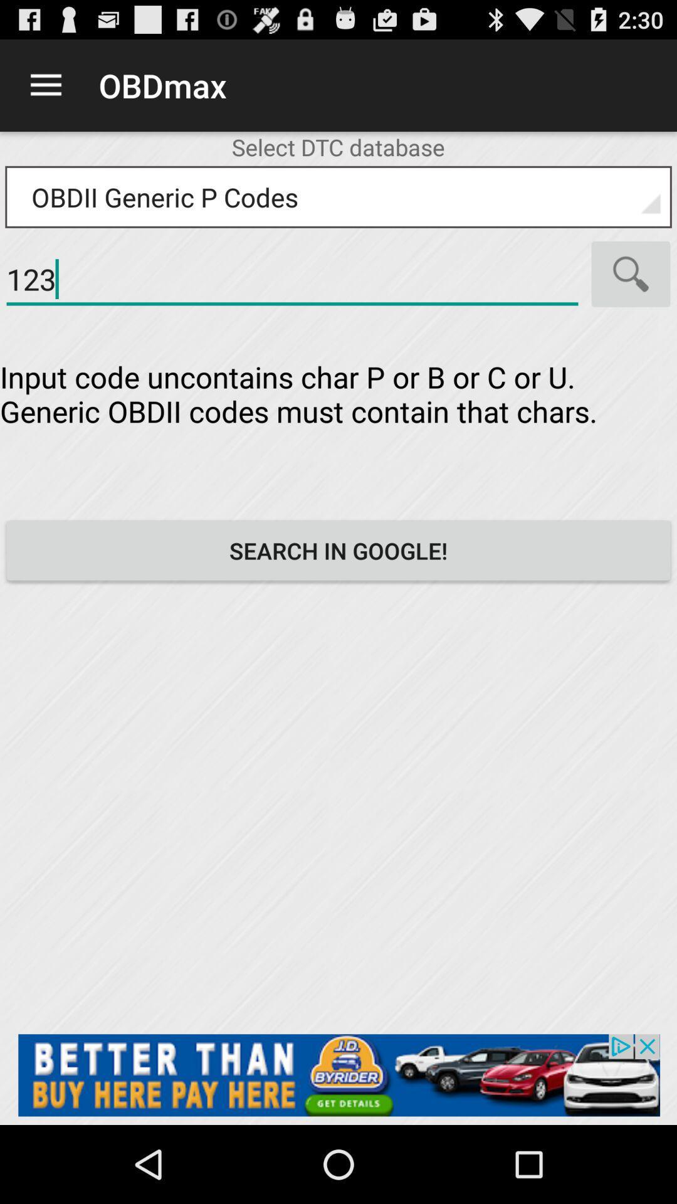  What do you see at coordinates (631, 292) in the screenshot?
I see `the search icon` at bounding box center [631, 292].